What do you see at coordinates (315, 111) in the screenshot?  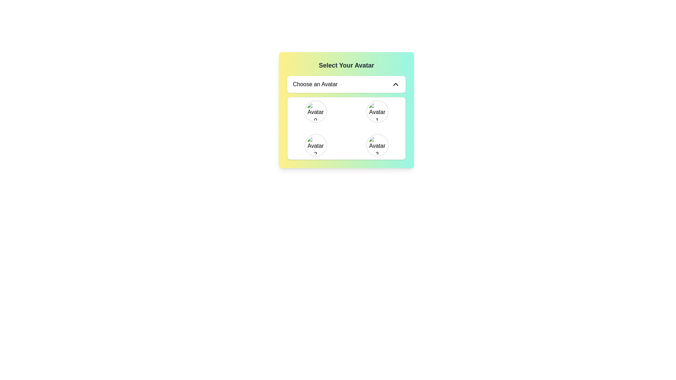 I see `the leftmost circular avatar image labeled 'Avatar 0'` at bounding box center [315, 111].